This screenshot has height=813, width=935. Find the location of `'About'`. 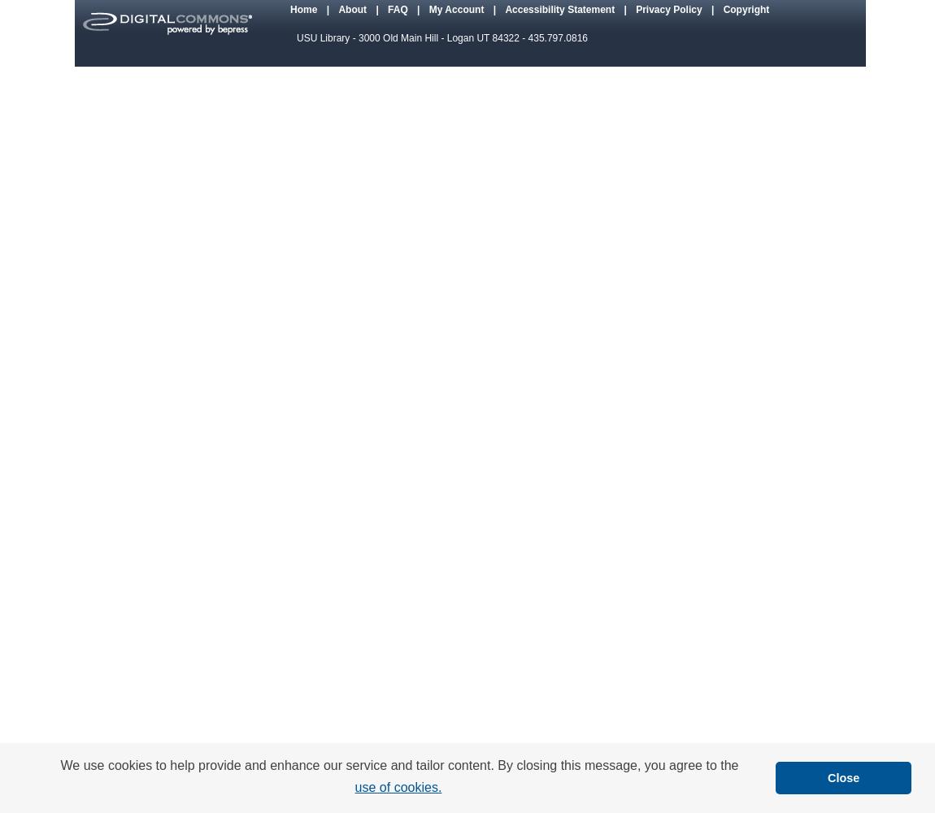

'About' is located at coordinates (354, 9).